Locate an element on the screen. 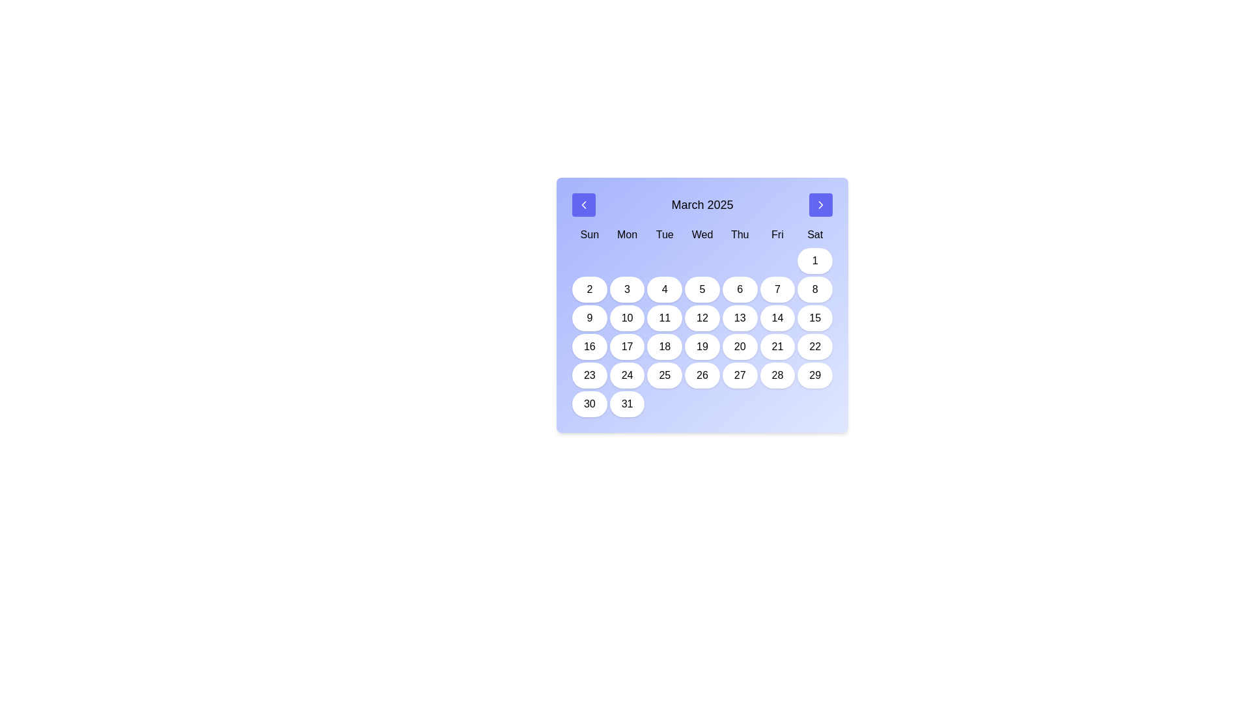  the dot marker indicating the date '4' in the Tuesday column of the calendar is located at coordinates (665, 261).